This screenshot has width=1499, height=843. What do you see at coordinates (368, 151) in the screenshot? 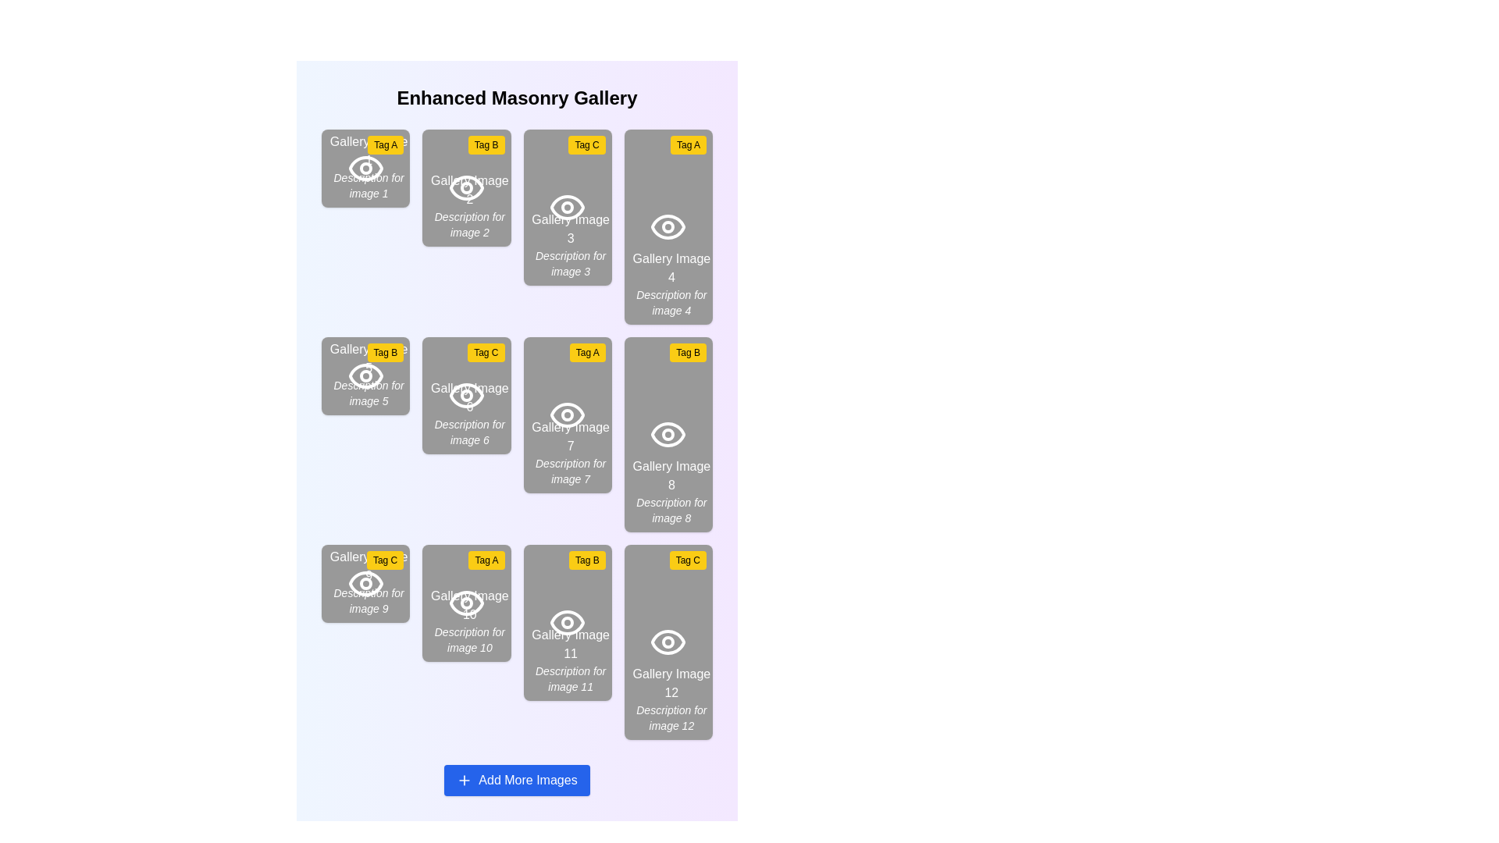
I see `text label displaying 'Gallery Image 1', which is styled with a medium font weight and positioned in the top-left quadrant of the interface, as part of the overlay text for the image description` at bounding box center [368, 151].